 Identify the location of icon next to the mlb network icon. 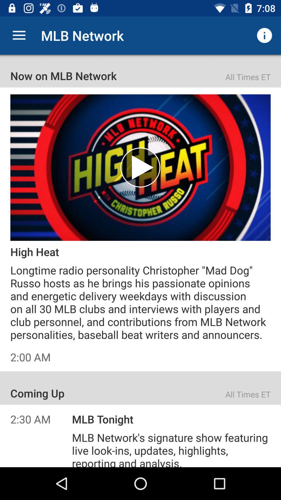
(265, 35).